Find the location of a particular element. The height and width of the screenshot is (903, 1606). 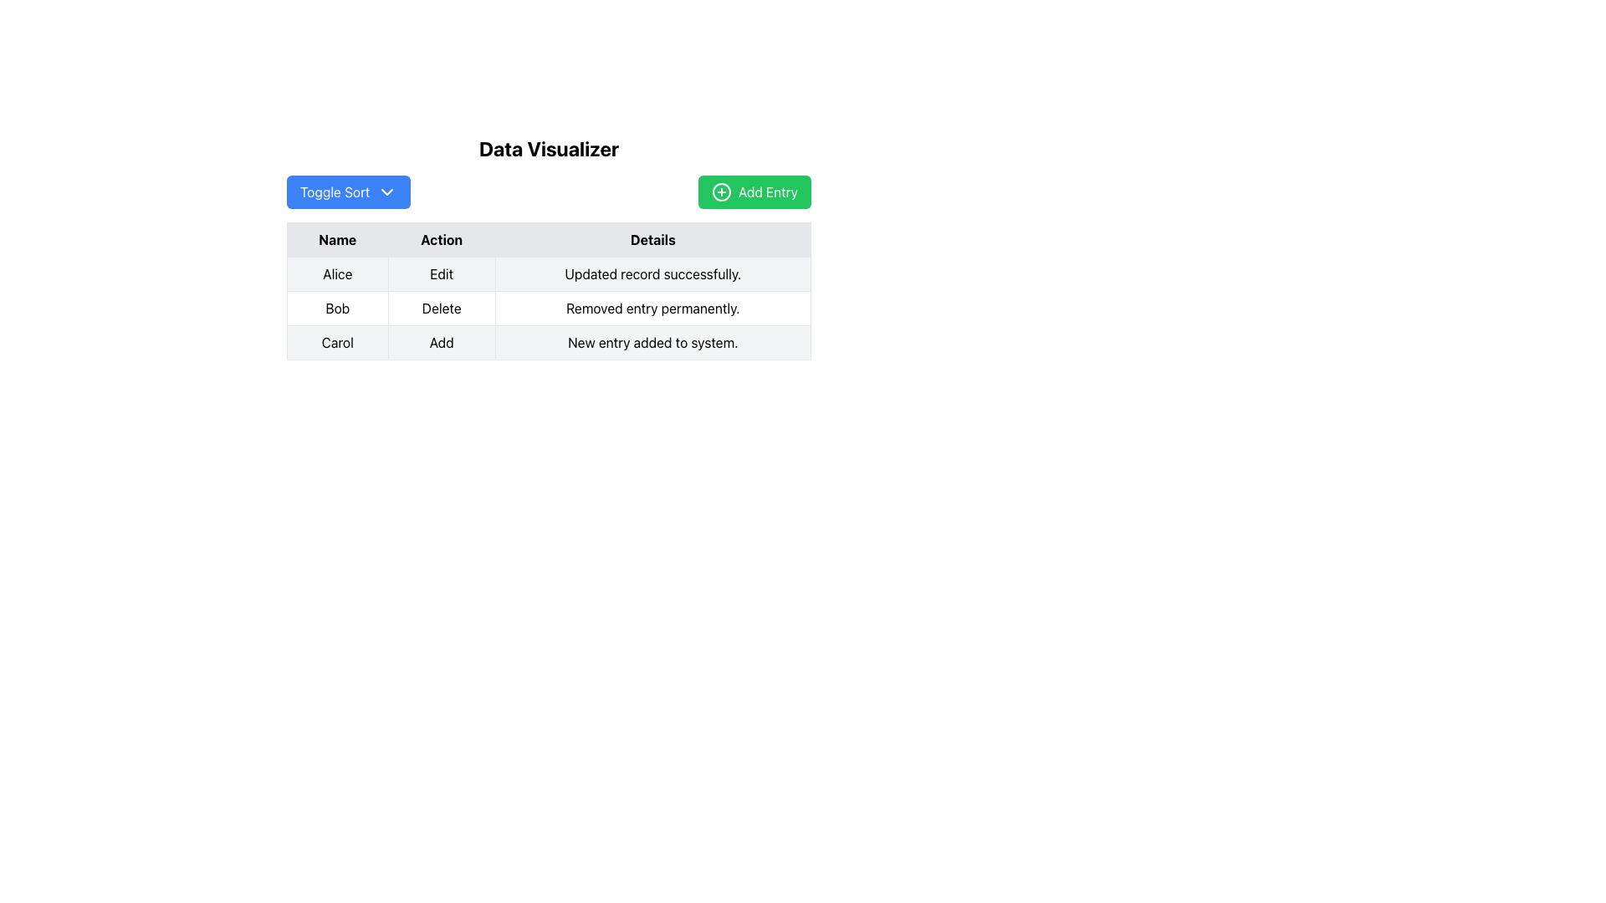

the icon located on the left side of the 'Add Entry' button in the top-right area of the interface is located at coordinates (721, 191).